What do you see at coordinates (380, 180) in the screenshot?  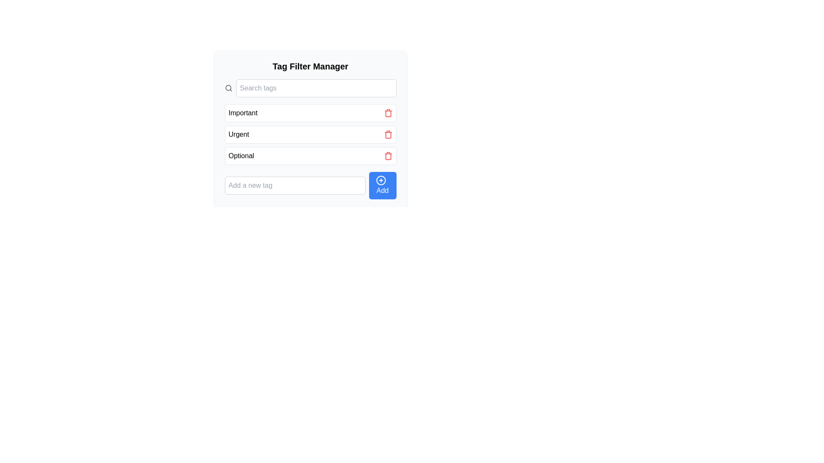 I see `the circular icon with a plus symbol, which is the leftmost part of the 'Add' button positioned below other text input fields` at bounding box center [380, 180].